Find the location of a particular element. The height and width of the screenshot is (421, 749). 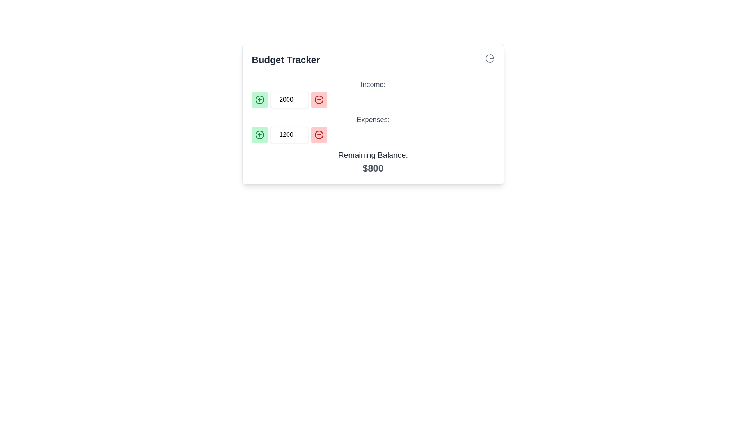

the '+' icon button located to the left of the input field labeled '1200' in the monetary entries section is located at coordinates (259, 134).